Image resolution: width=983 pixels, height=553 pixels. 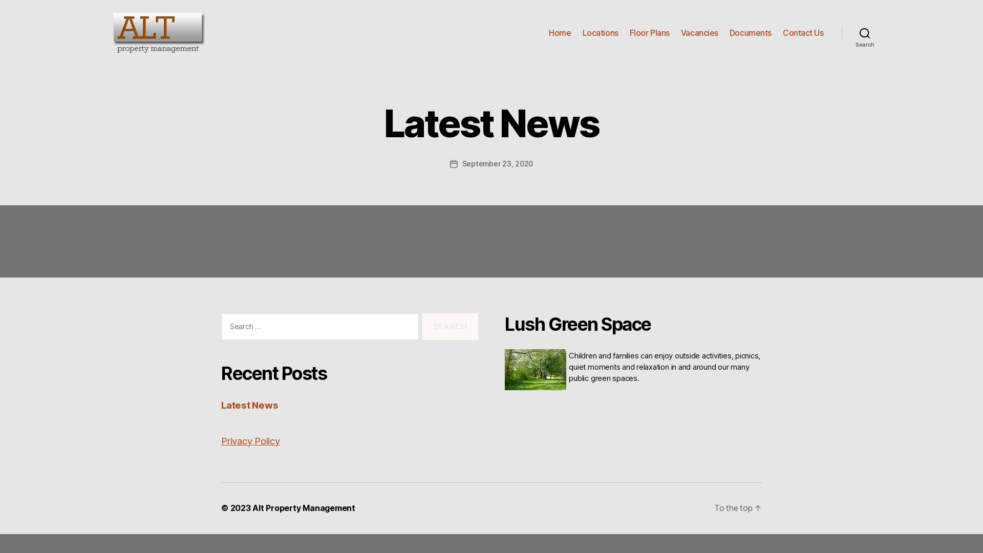 What do you see at coordinates (497, 163) in the screenshot?
I see `'September 23, 2020'` at bounding box center [497, 163].